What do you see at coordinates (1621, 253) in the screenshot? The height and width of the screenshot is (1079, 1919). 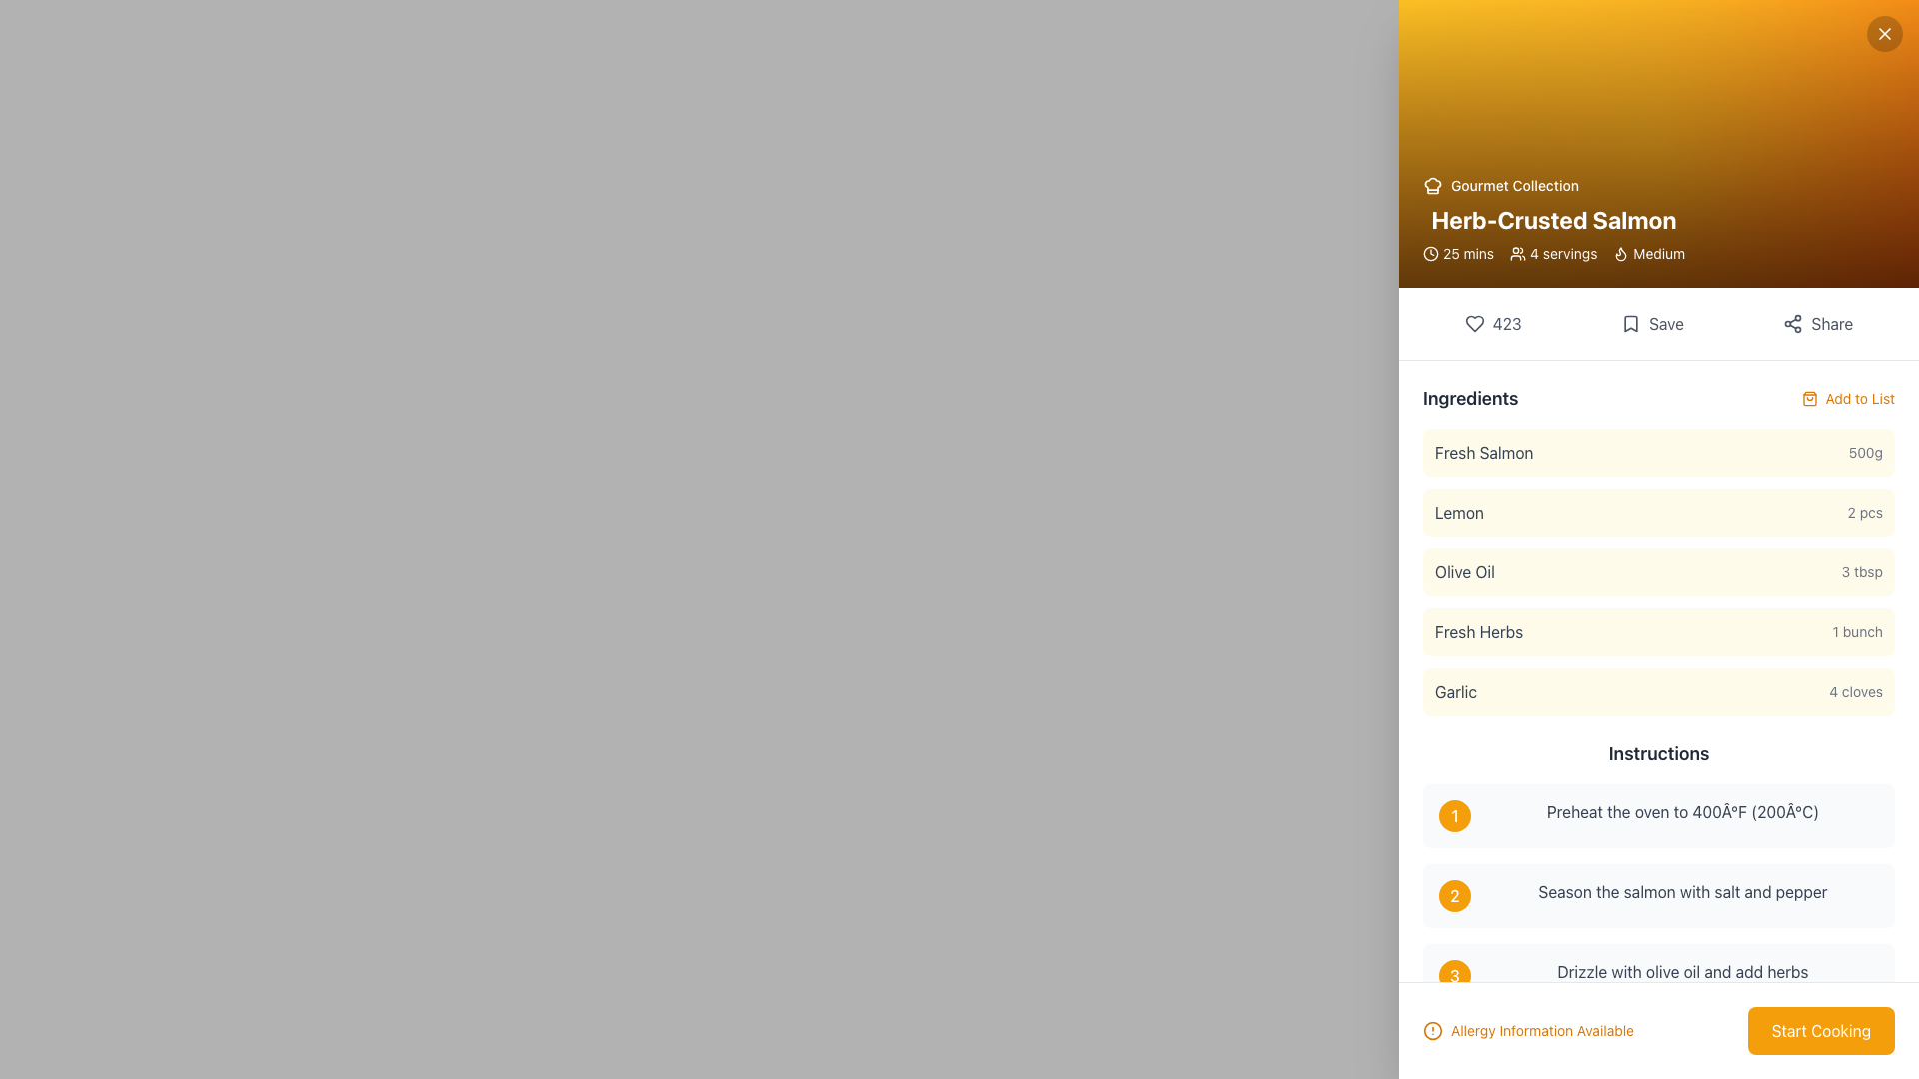 I see `the flame-shaped icon with thin strokes located to the left of the 'Medium' label in the top section of the interface` at bounding box center [1621, 253].